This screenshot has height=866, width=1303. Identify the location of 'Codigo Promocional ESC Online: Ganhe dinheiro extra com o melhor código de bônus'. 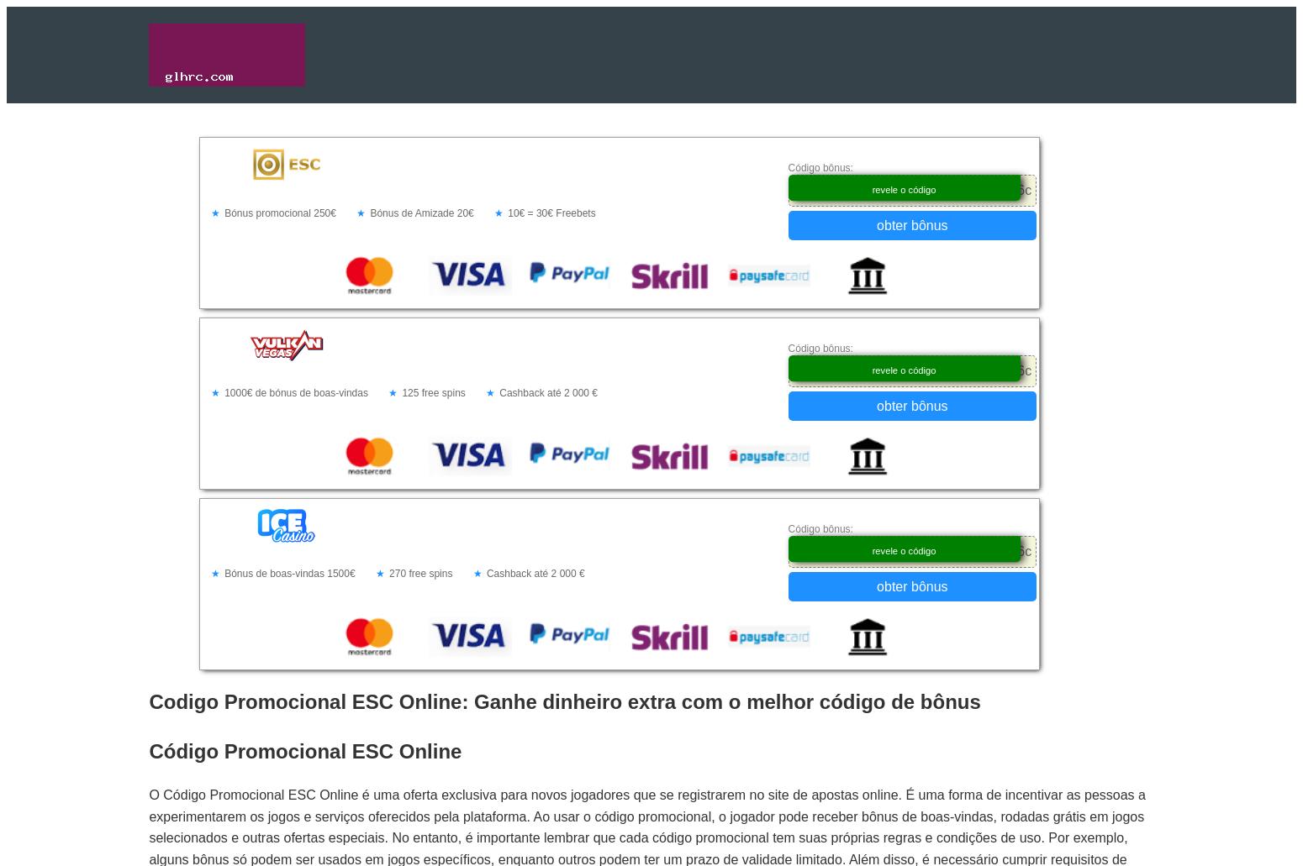
(563, 701).